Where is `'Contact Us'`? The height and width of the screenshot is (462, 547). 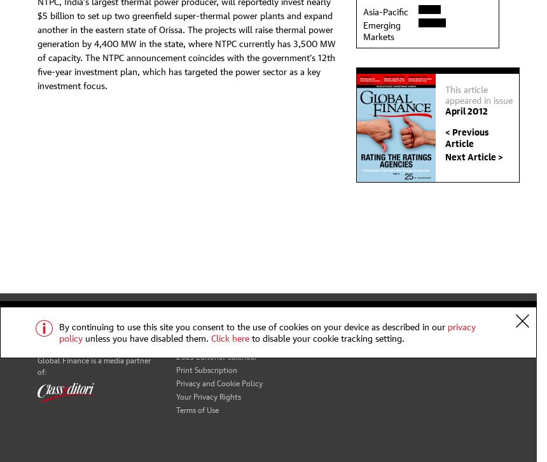 'Contact Us' is located at coordinates (193, 314).